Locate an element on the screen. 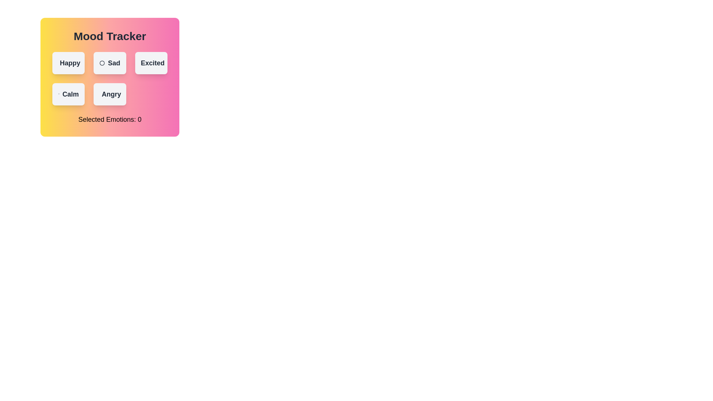 This screenshot has width=713, height=401. the center of the background gradient to interact with it visually is located at coordinates (110, 77).